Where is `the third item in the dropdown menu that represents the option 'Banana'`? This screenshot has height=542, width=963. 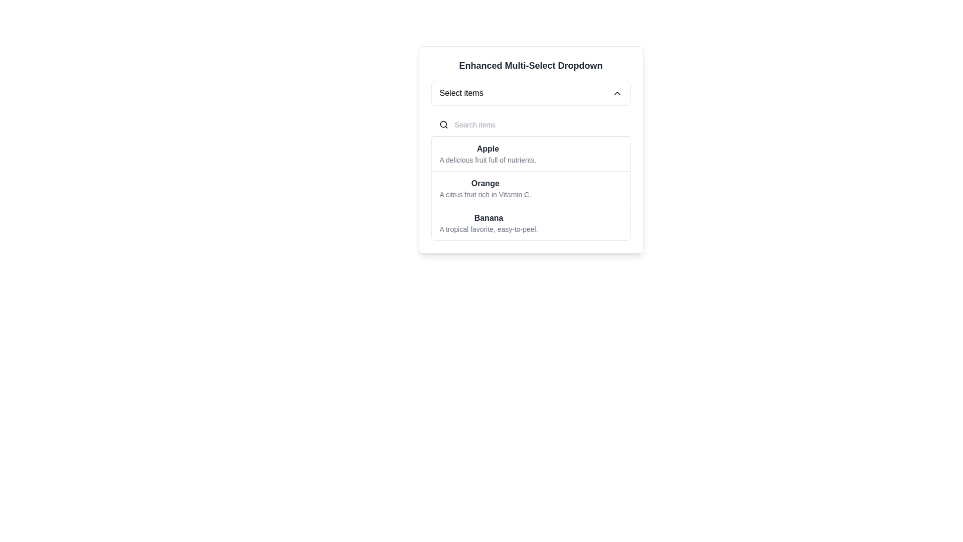
the third item in the dropdown menu that represents the option 'Banana' is located at coordinates (489, 222).